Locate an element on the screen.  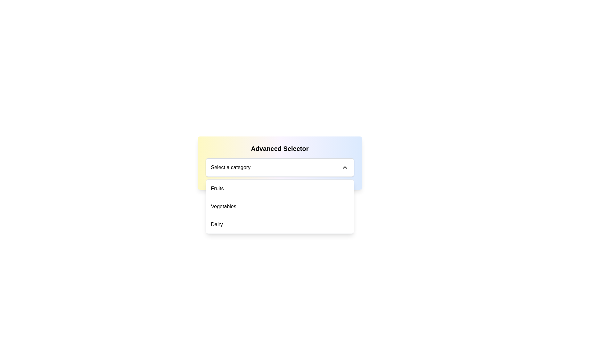
the first item in the 'Advanced Selector' dropdown menu, which is the 'Fruits' option, using keyboard focus is located at coordinates (280, 188).